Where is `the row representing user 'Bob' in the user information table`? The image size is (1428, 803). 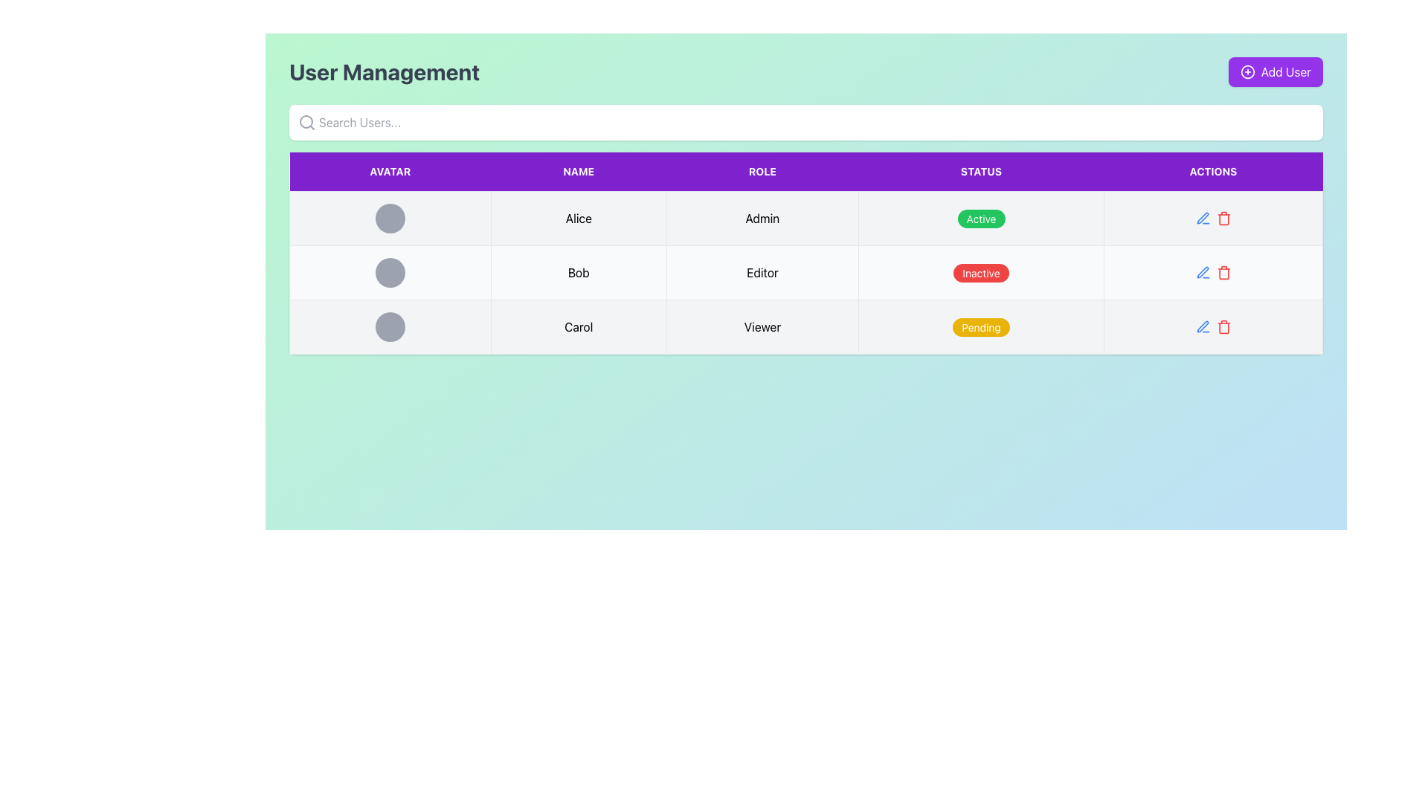 the row representing user 'Bob' in the user information table is located at coordinates (805, 272).